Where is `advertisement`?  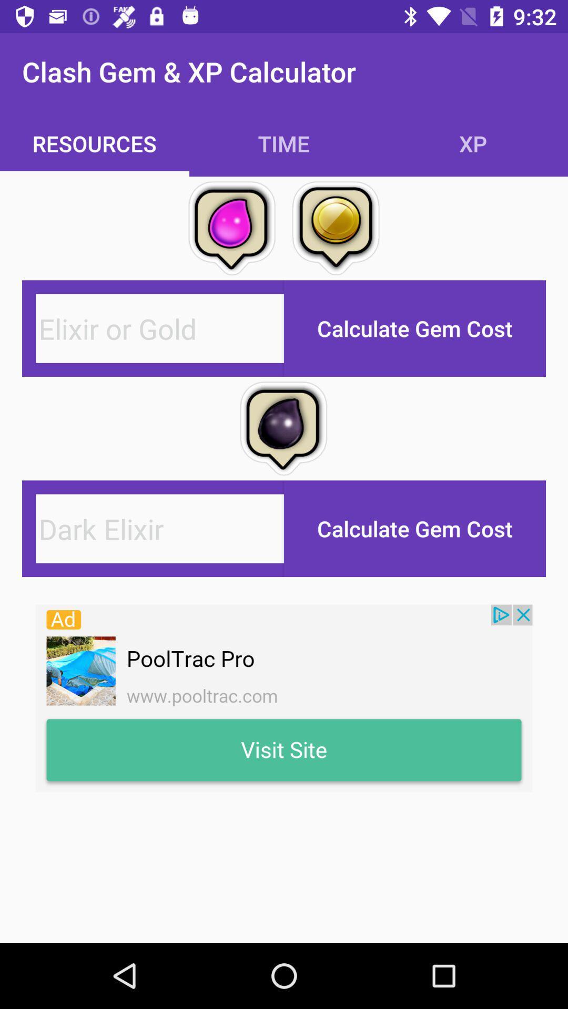 advertisement is located at coordinates (284, 698).